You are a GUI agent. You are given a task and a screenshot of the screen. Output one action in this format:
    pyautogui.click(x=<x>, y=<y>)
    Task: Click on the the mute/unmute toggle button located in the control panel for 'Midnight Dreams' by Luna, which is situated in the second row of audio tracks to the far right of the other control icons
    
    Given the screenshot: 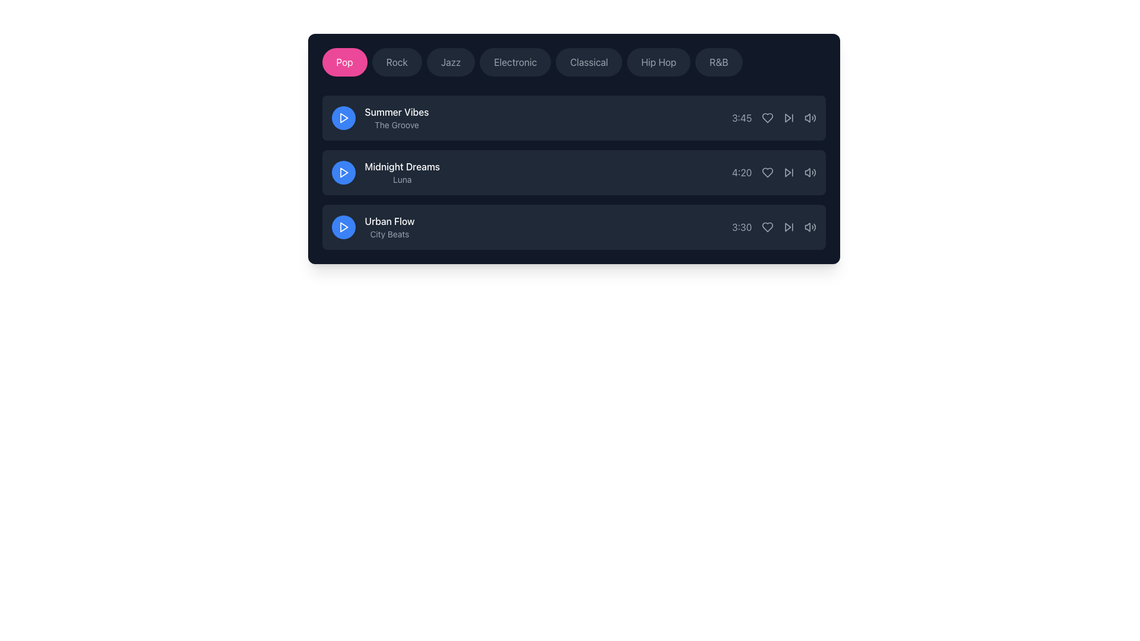 What is the action you would take?
    pyautogui.click(x=807, y=172)
    